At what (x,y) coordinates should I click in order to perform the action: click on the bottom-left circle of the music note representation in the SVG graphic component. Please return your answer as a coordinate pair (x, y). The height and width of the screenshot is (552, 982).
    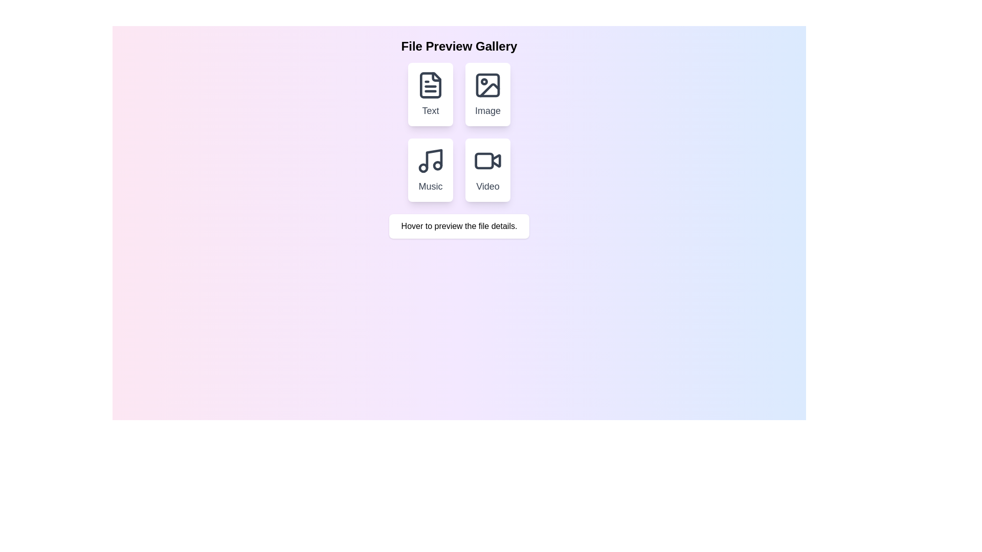
    Looking at the image, I should click on (423, 167).